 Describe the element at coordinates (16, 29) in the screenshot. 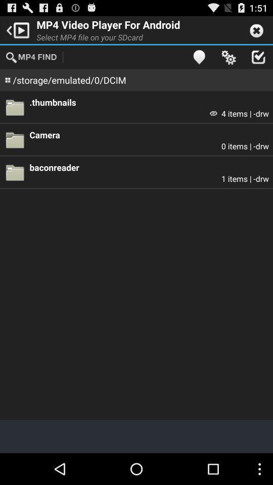

I see `app next to mp4 video player icon` at that location.